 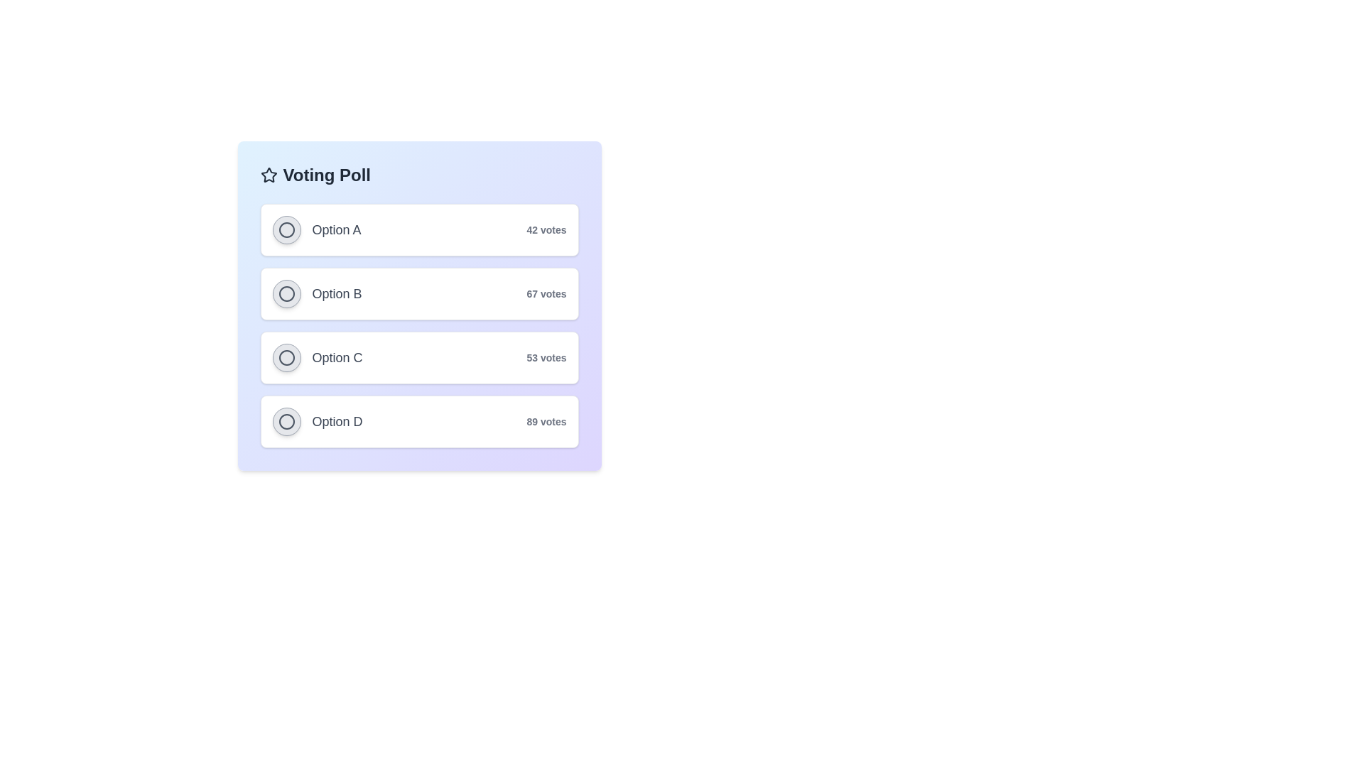 What do you see at coordinates (546, 293) in the screenshot?
I see `the text element displaying '67 votes', styled in gray and located at the far-right side of the voting option box for 'Option B'` at bounding box center [546, 293].